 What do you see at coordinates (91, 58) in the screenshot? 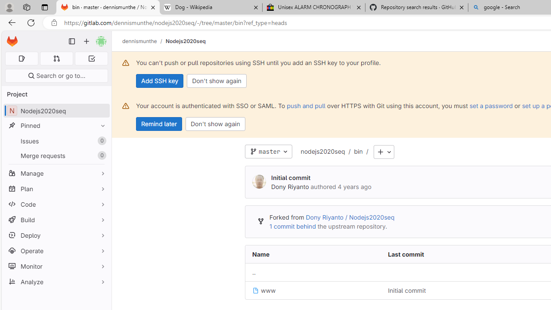
I see `'To-Do list 0'` at bounding box center [91, 58].